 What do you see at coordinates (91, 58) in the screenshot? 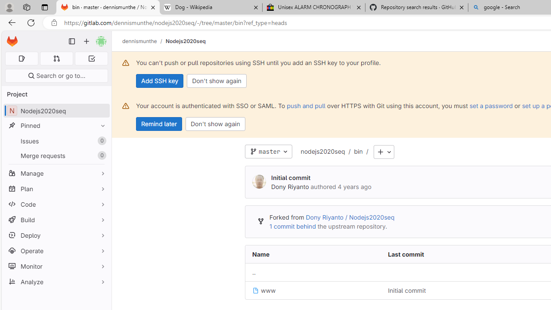
I see `'To-Do list 0'` at bounding box center [91, 58].